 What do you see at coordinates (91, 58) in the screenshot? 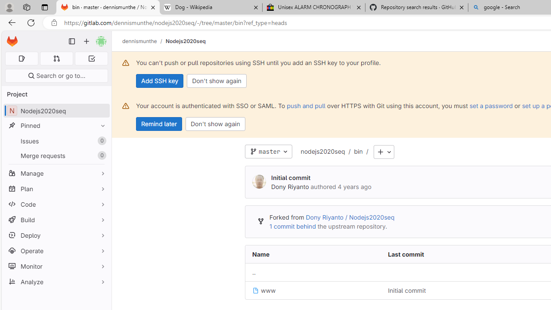
I see `'To-Do list 0'` at bounding box center [91, 58].